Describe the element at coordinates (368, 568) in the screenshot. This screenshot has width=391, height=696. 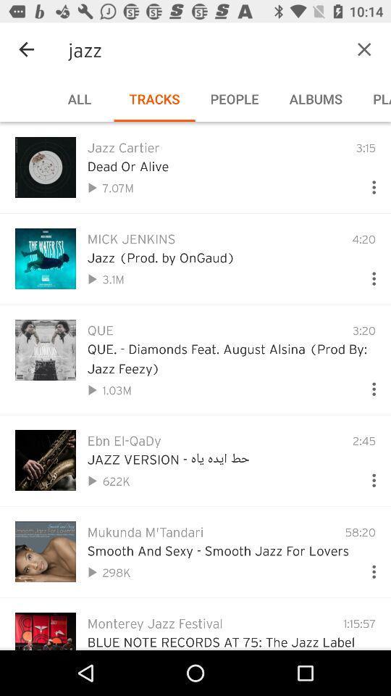
I see `drop down menu` at that location.